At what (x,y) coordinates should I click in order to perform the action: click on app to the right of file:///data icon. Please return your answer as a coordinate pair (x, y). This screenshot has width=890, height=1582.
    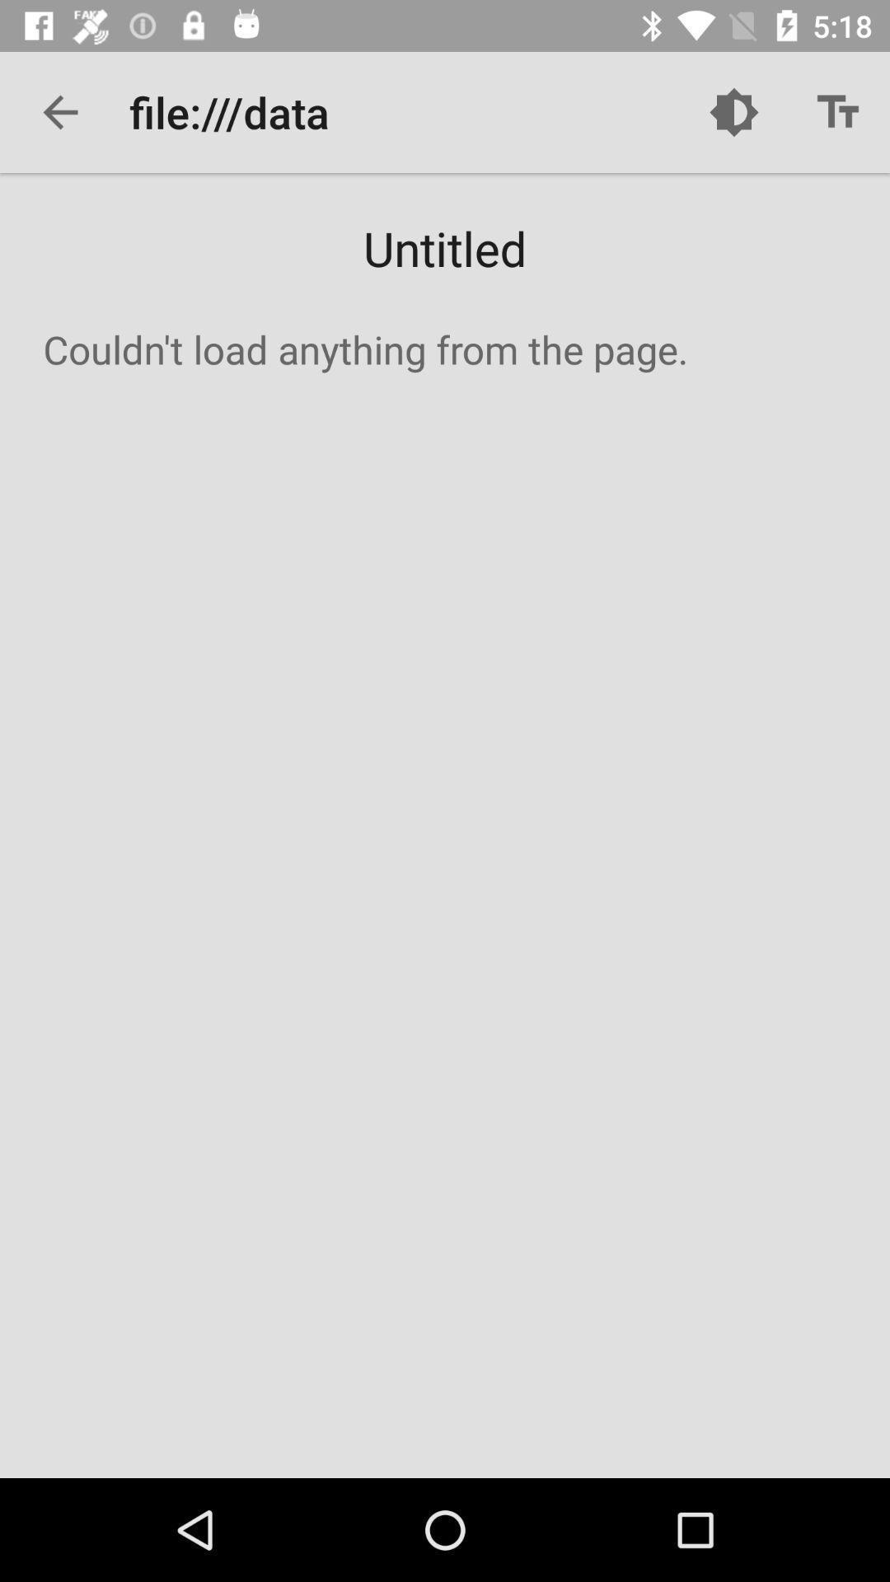
    Looking at the image, I should click on (733, 111).